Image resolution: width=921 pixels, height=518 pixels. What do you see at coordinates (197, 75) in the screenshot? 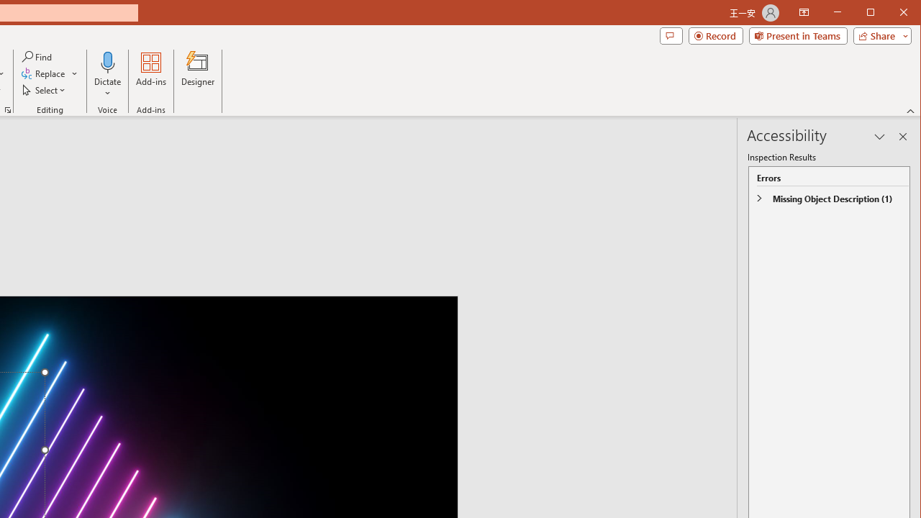
I see `'Designer'` at bounding box center [197, 75].